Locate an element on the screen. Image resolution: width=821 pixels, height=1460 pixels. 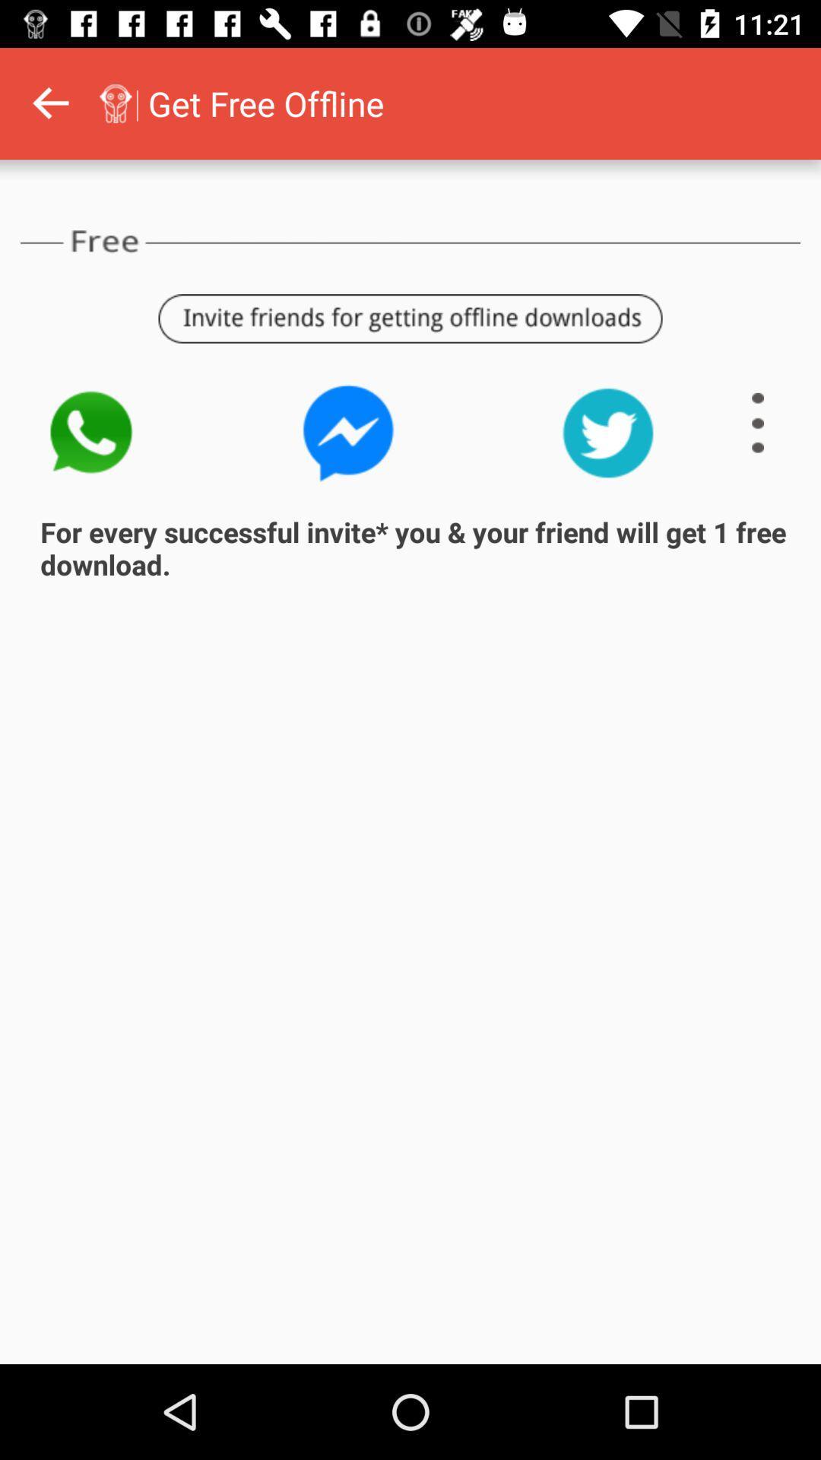
the twitter icon is located at coordinates (607, 432).